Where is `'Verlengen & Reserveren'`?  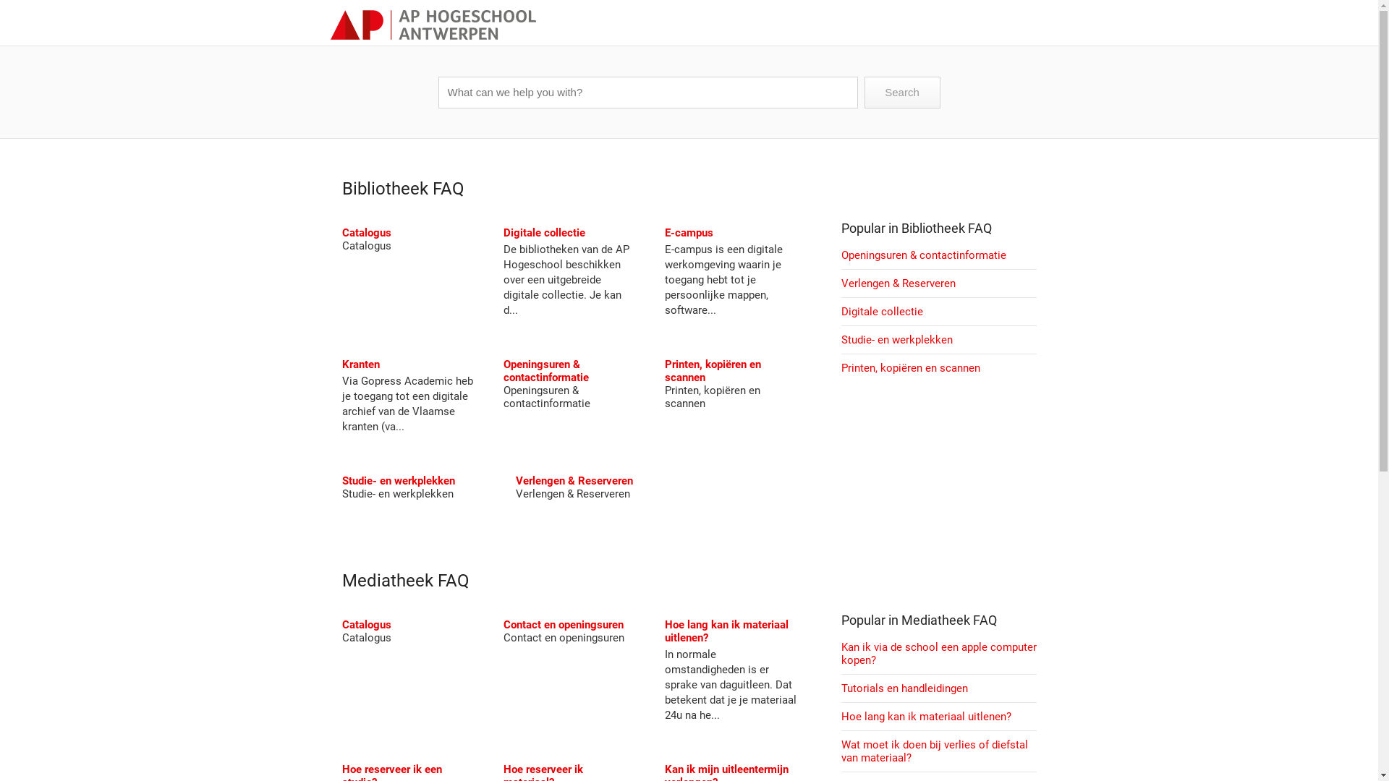
'Verlengen & Reserveren' is located at coordinates (572, 480).